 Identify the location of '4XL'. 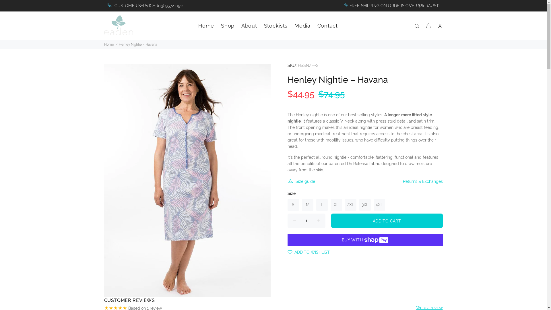
(379, 204).